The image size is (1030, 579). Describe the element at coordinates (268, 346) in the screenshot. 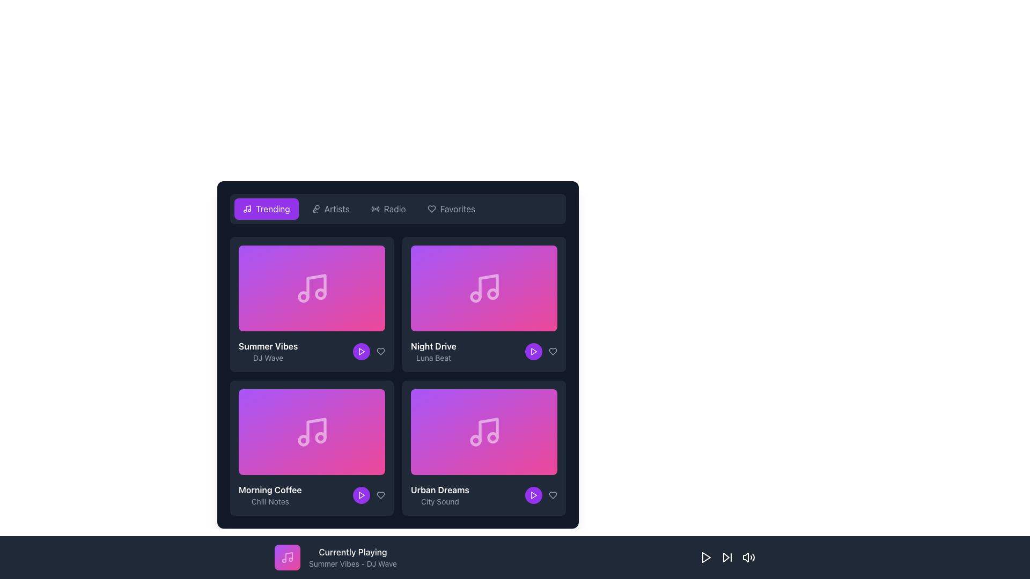

I see `the 'Summer Vibes' text label, which is styled in bold white text and located in the first column and first row of the 'Trending' section, above the 'DJ Wave' text and below the album artwork, if it is enabled for navigation` at that location.